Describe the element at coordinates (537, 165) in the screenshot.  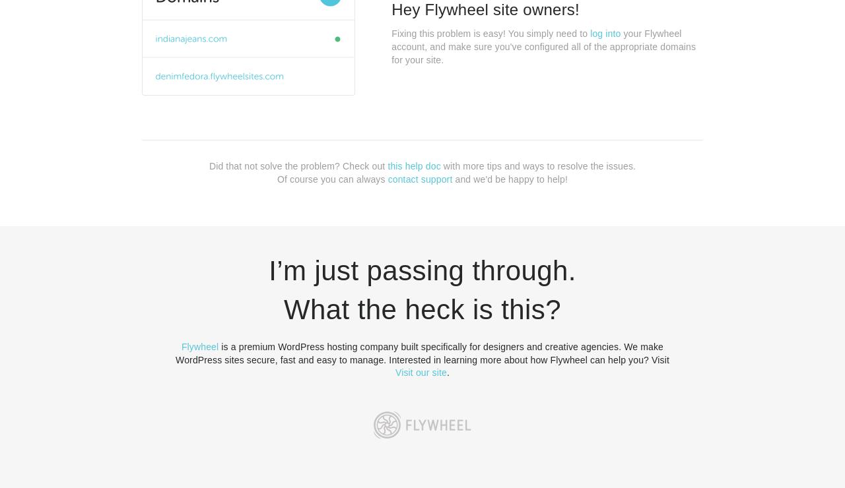
I see `'with more tips and ways to resolve the issues.'` at that location.